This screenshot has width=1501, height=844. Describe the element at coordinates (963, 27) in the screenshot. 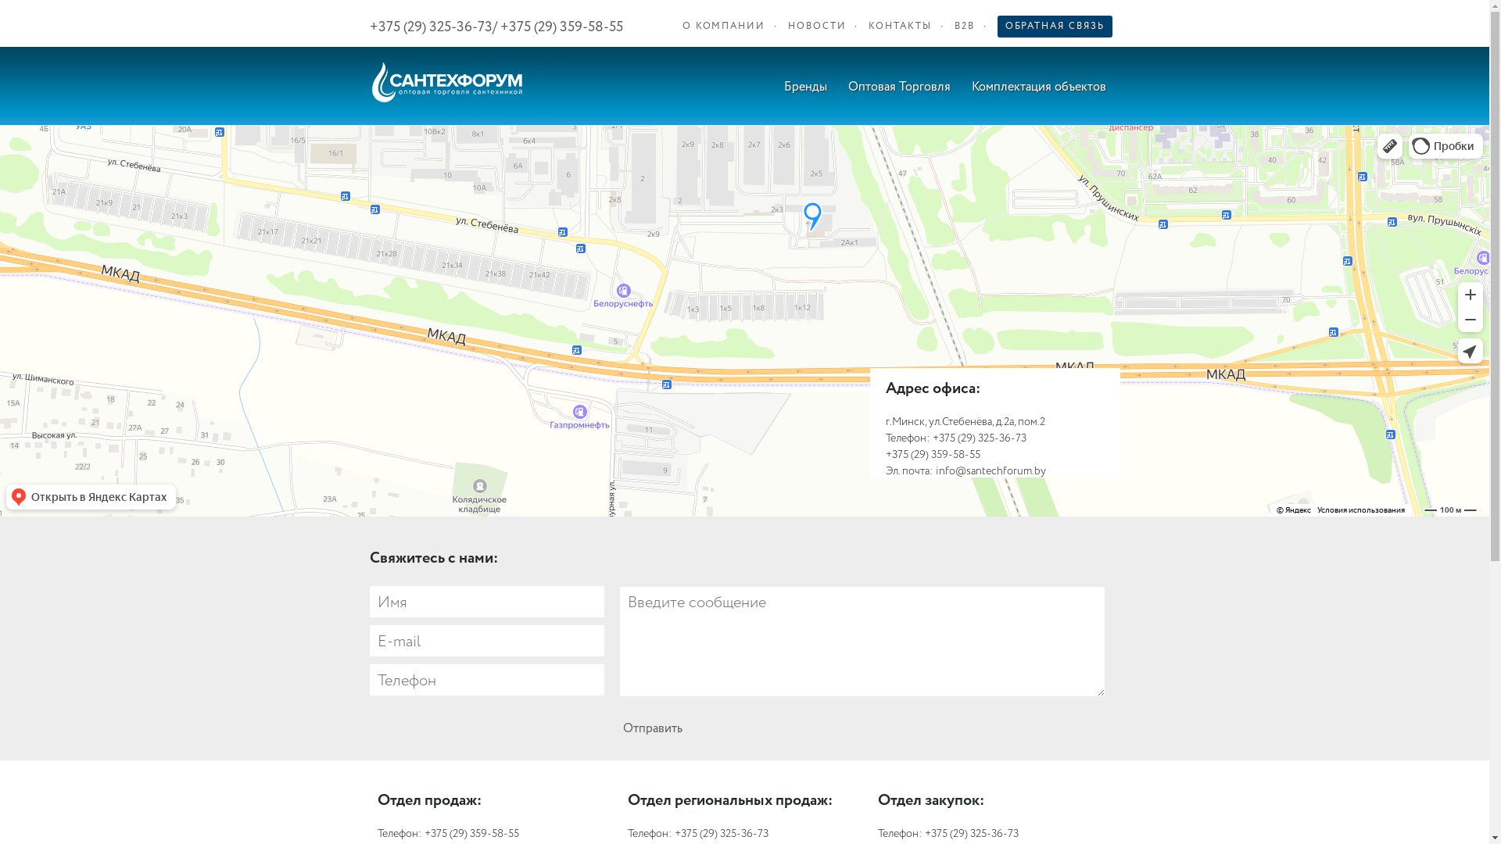

I see `'B2B'` at that location.